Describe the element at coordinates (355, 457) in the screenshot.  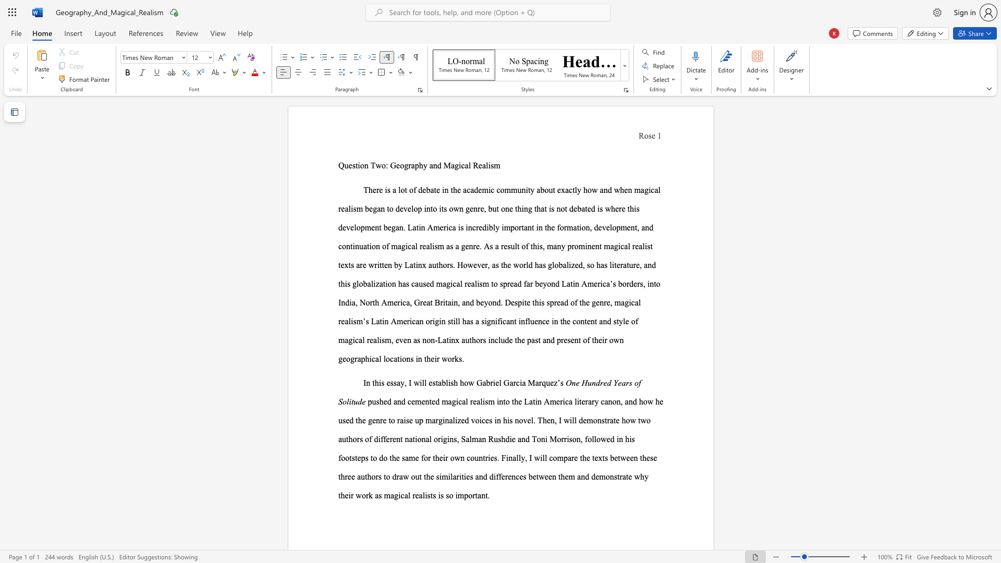
I see `the subset text "teps" within the text "followed in his footsteps"` at that location.